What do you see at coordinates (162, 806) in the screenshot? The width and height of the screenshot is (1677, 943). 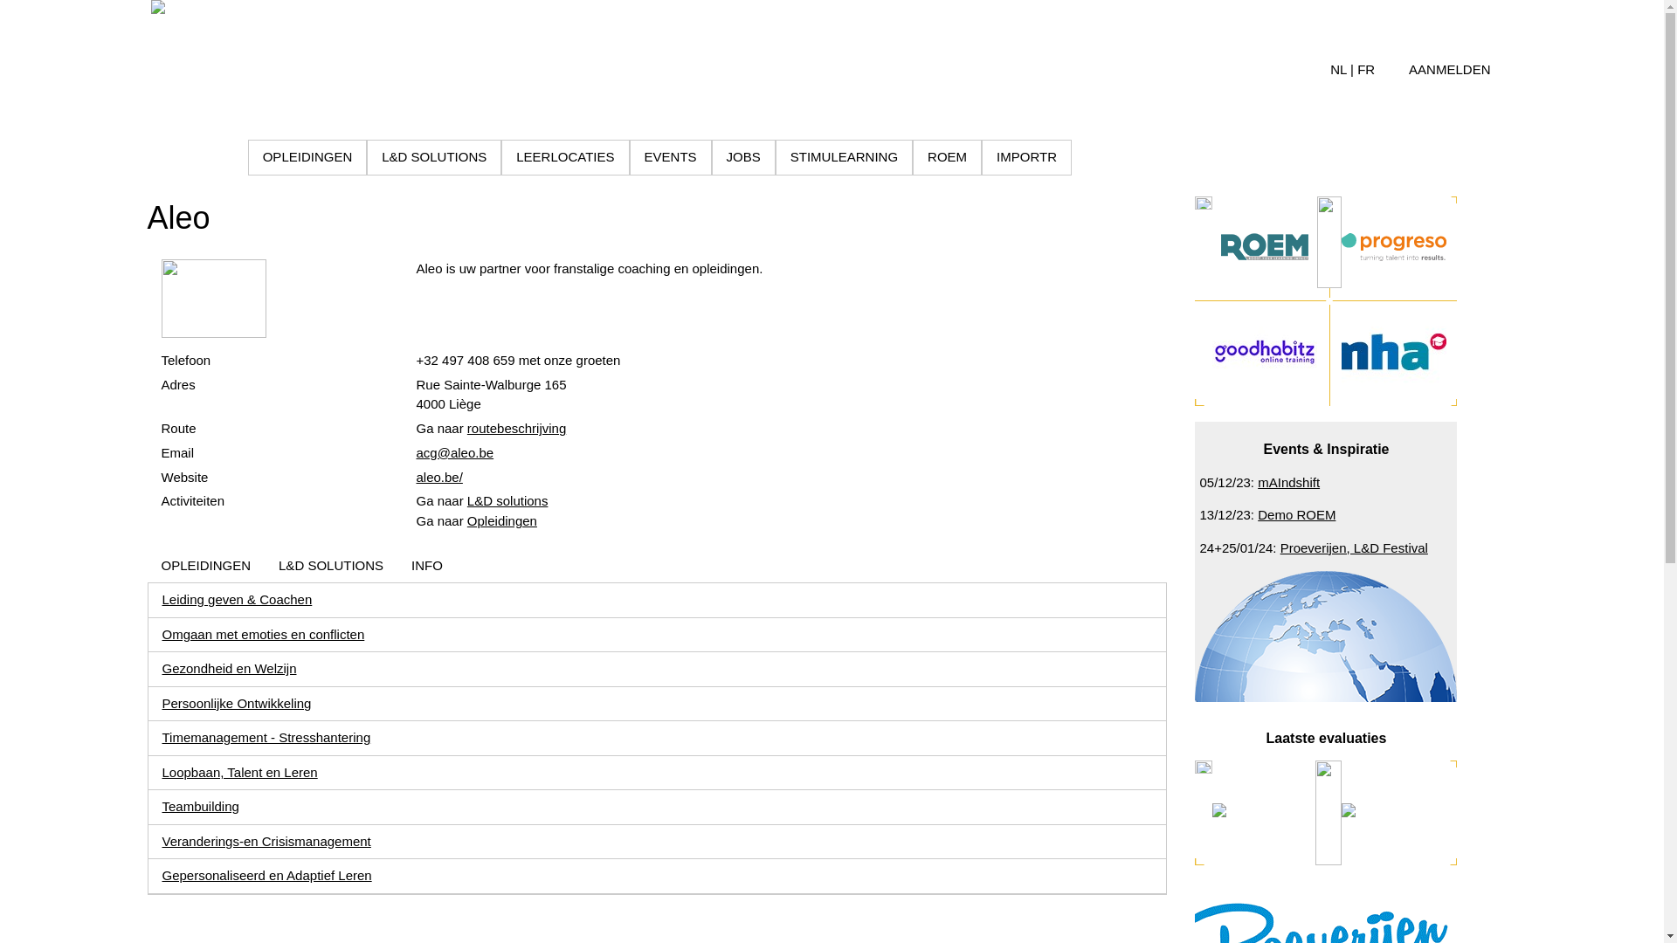 I see `'Teambuilding'` at bounding box center [162, 806].